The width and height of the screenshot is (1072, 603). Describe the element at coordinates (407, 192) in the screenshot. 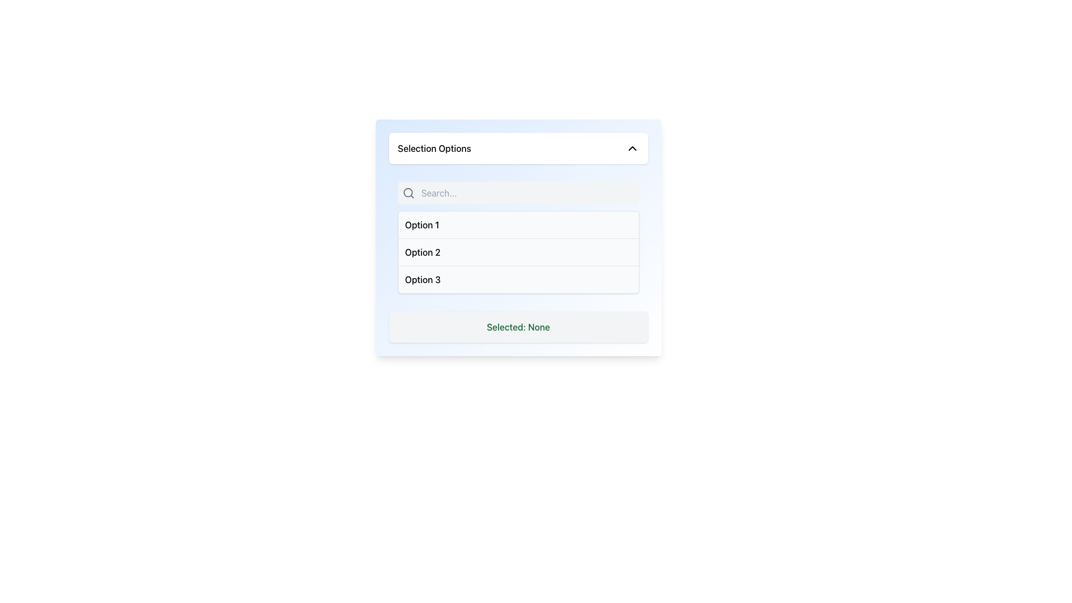

I see `the magnifying glass icon's circle within the search bar interface, which is styled in gray and located to the left of the search input field` at that location.